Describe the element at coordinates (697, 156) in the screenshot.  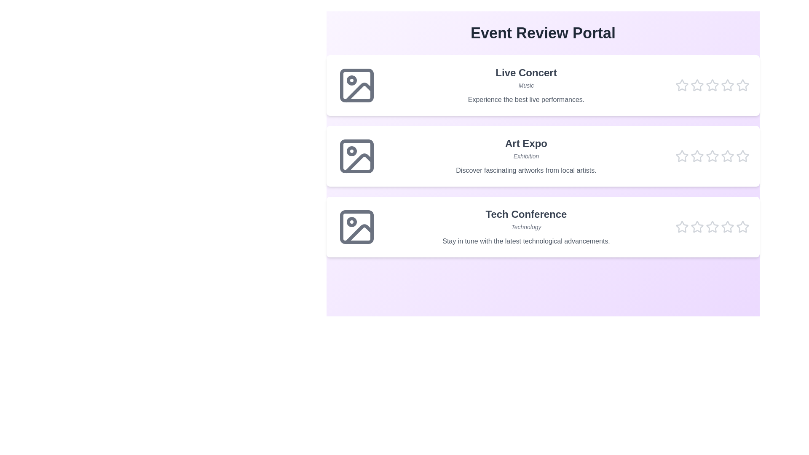
I see `the star corresponding to the rating 2 for the event Art Expo` at that location.